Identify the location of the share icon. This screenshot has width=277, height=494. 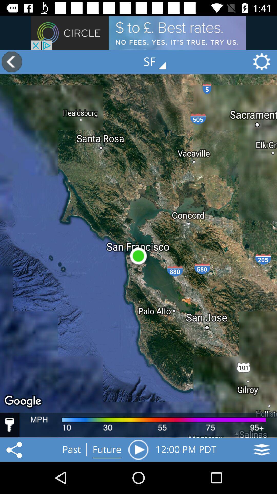
(15, 449).